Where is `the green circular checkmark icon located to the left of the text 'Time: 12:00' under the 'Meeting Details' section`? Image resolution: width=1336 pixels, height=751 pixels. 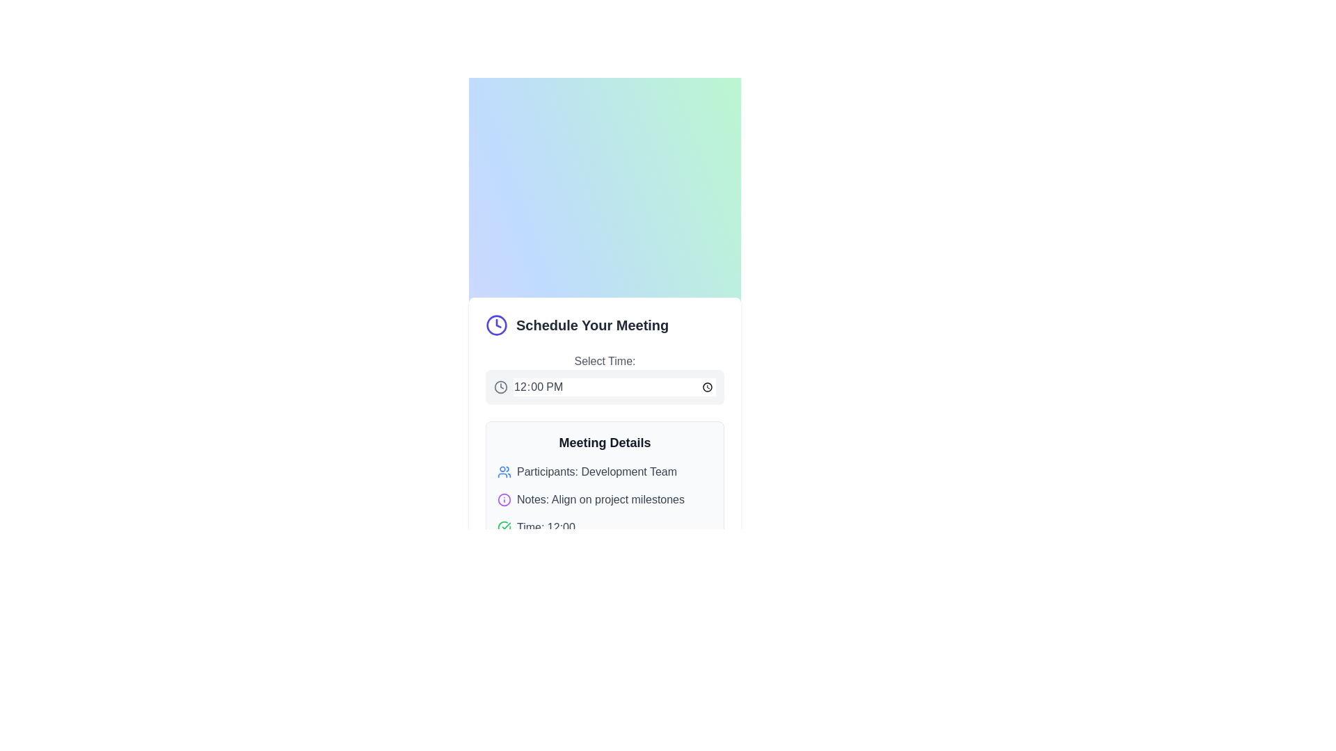
the green circular checkmark icon located to the left of the text 'Time: 12:00' under the 'Meeting Details' section is located at coordinates (503, 528).